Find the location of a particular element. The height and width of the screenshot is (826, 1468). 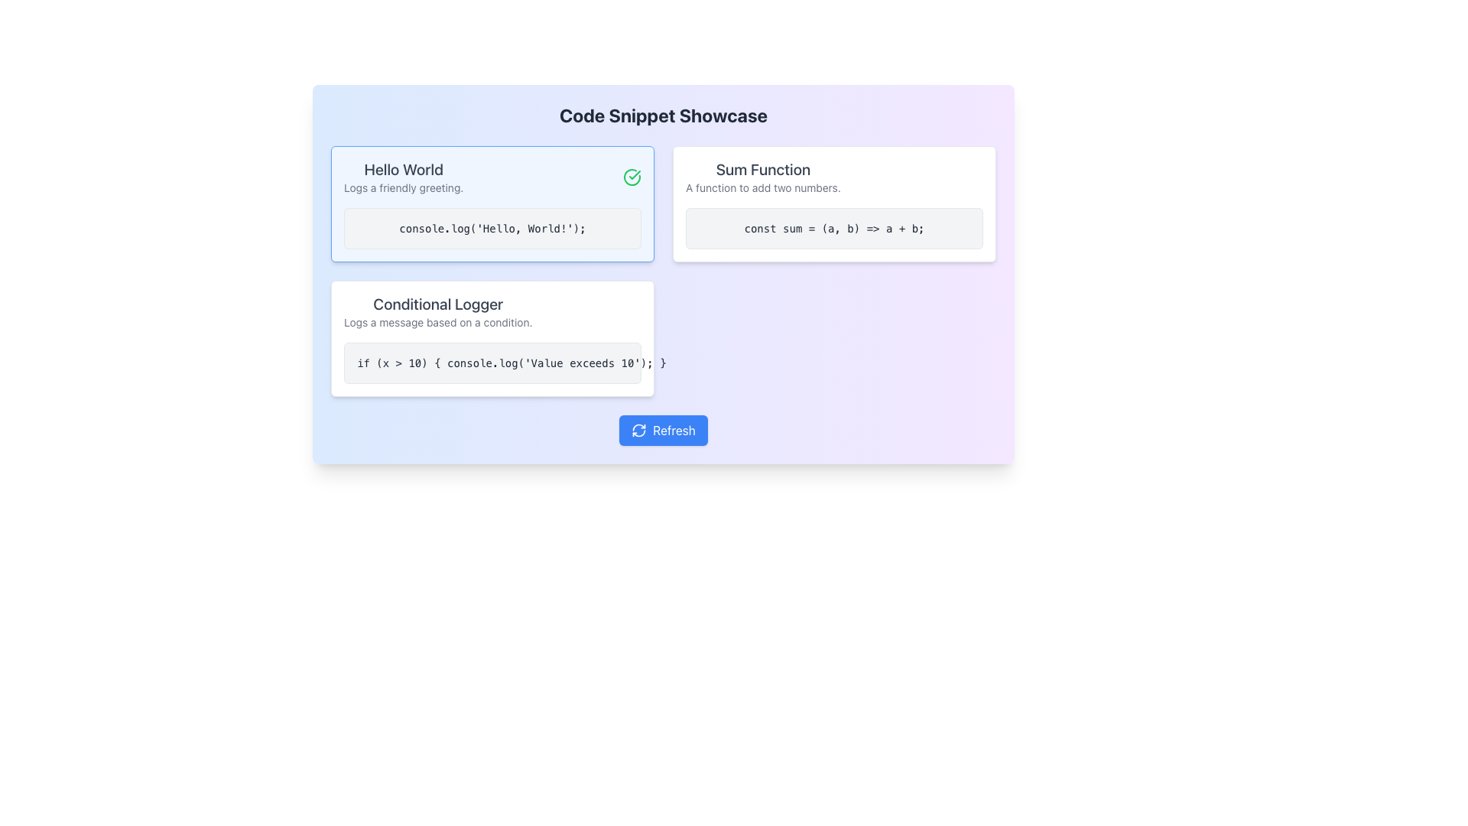

the button containing the refresh icon located at the bottom center of the interface, to the left of the 'Refresh' text label for keyboard navigation is located at coordinates (639, 431).